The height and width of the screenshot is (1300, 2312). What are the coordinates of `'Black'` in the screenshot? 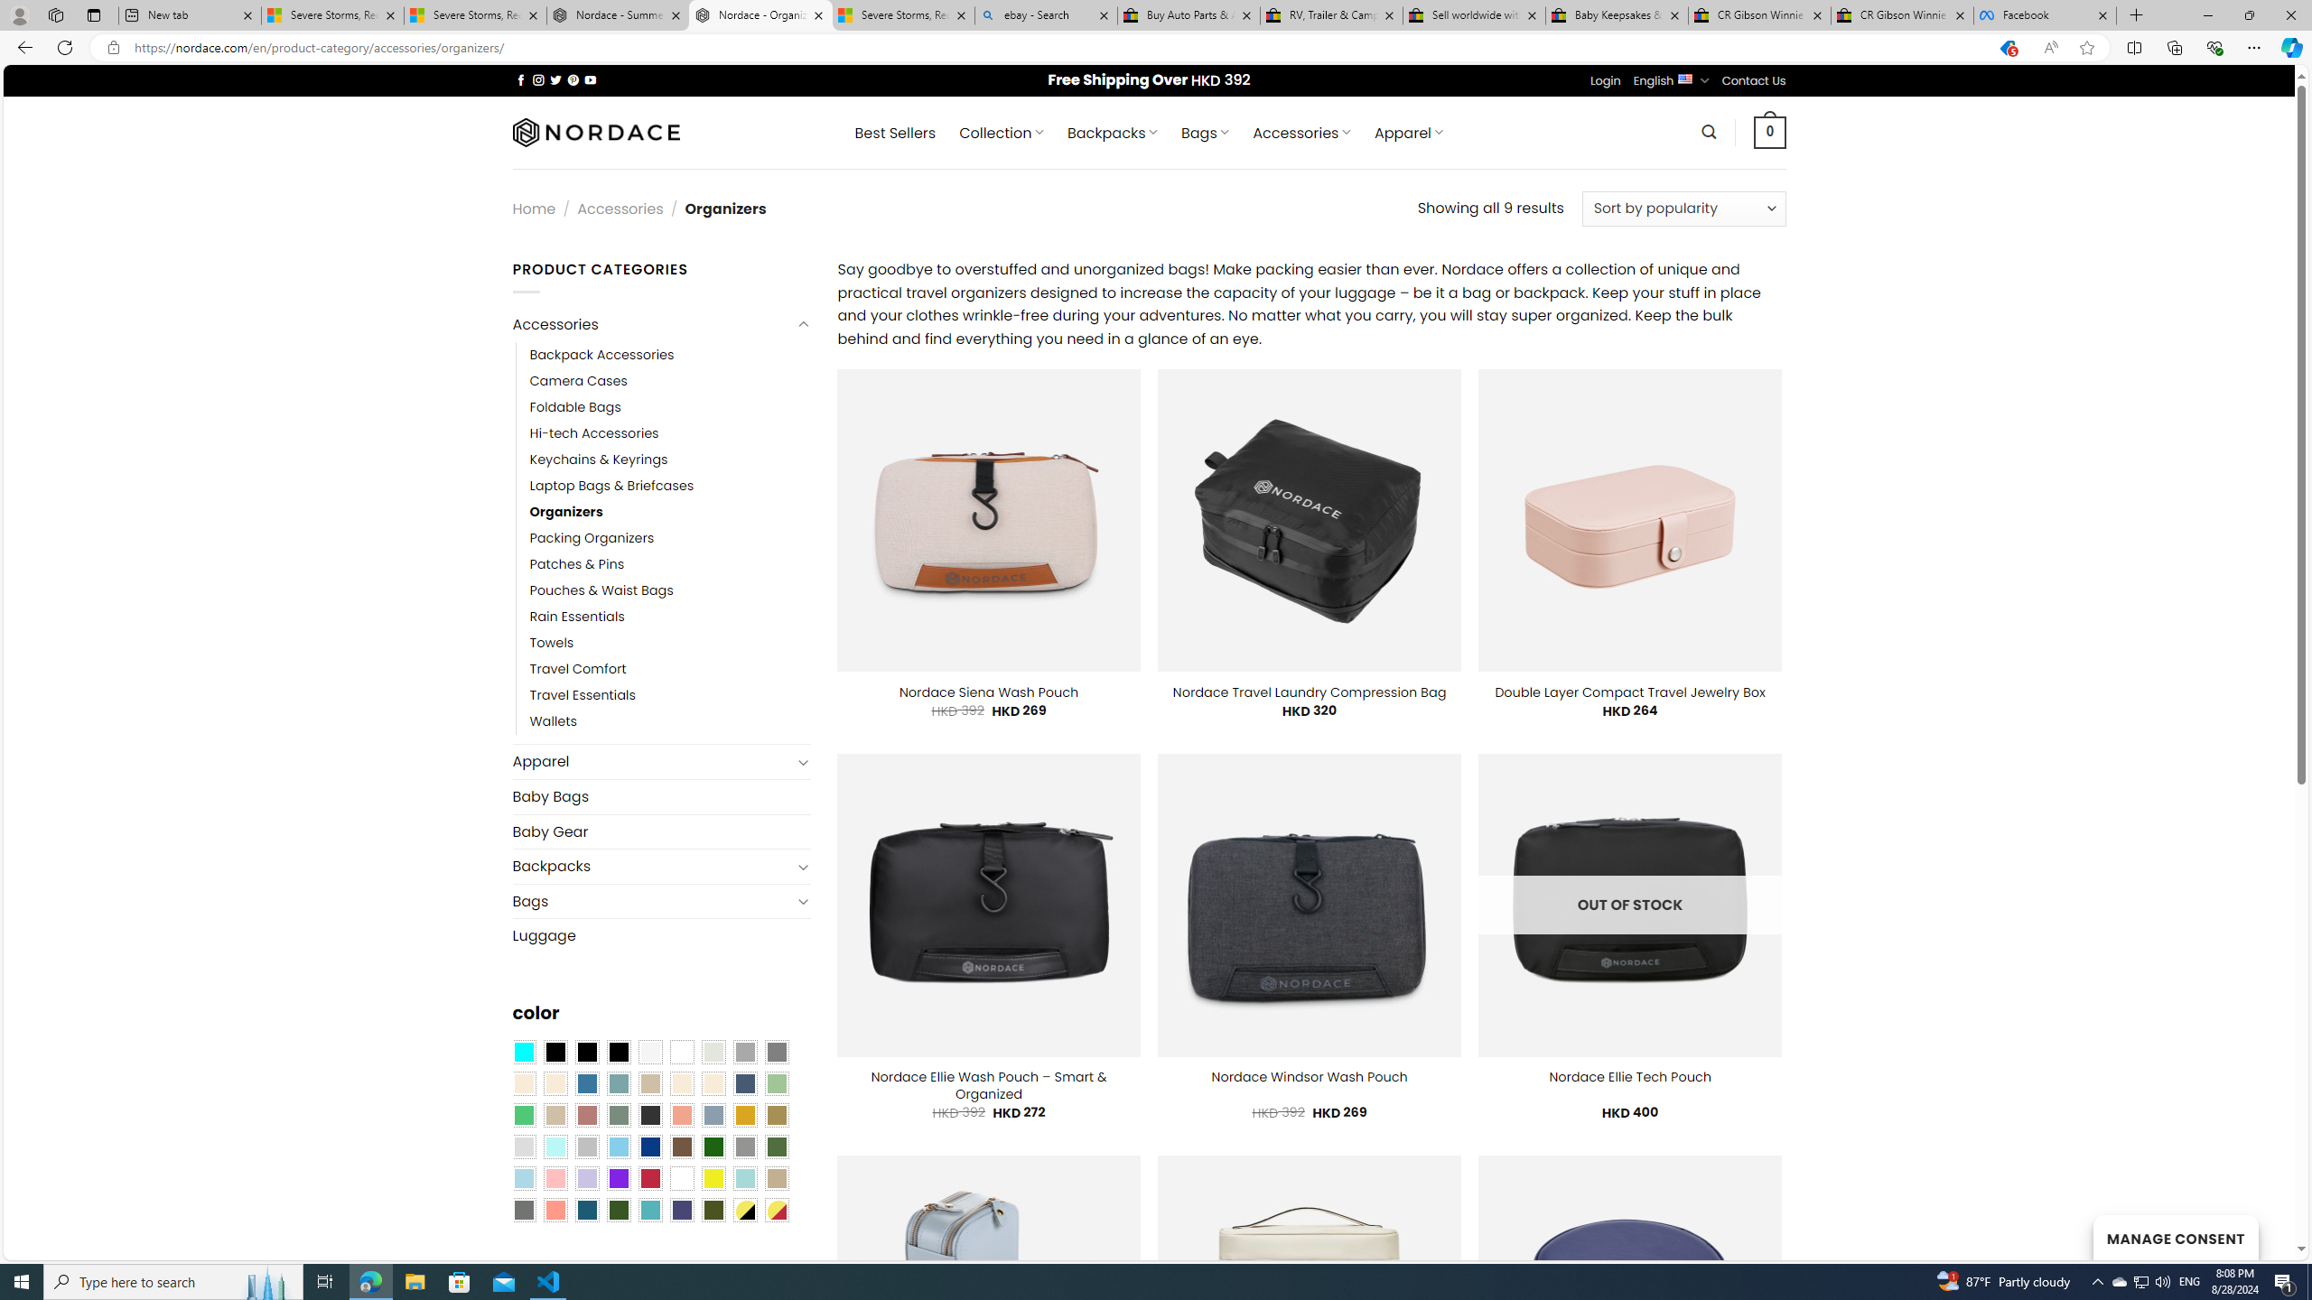 It's located at (586, 1051).